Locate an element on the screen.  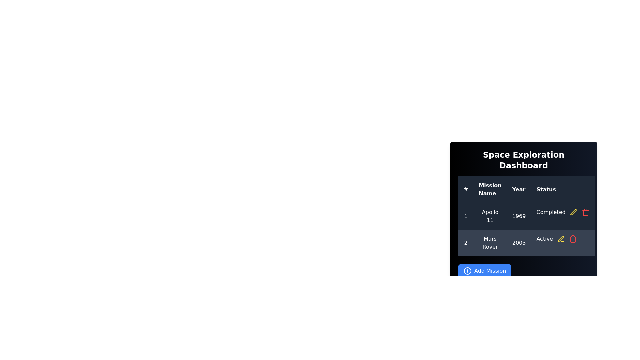
the text label displaying 'Apollo 11' which is located in the 'Mission Name' column of the 'Space Exploration Dashboard' table, specifically in the first row, and is situated one column to the right of the '#' column is located at coordinates (490, 216).